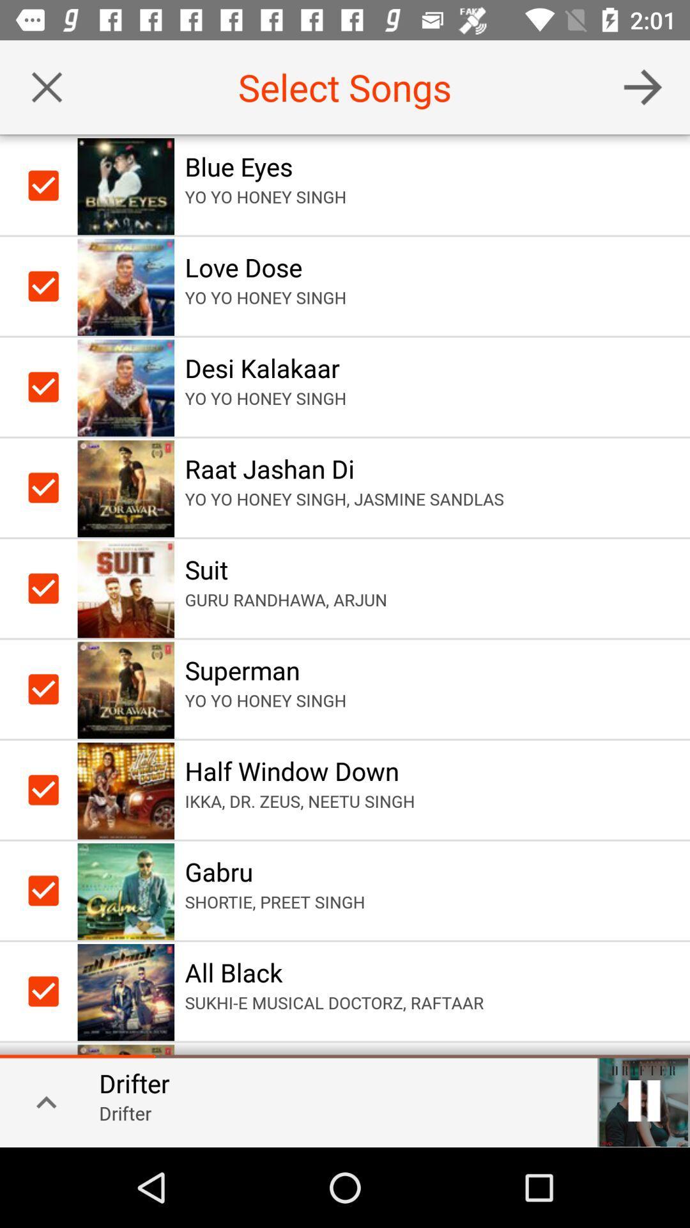 This screenshot has height=1228, width=690. I want to click on button which on left to image, so click(45, 285).